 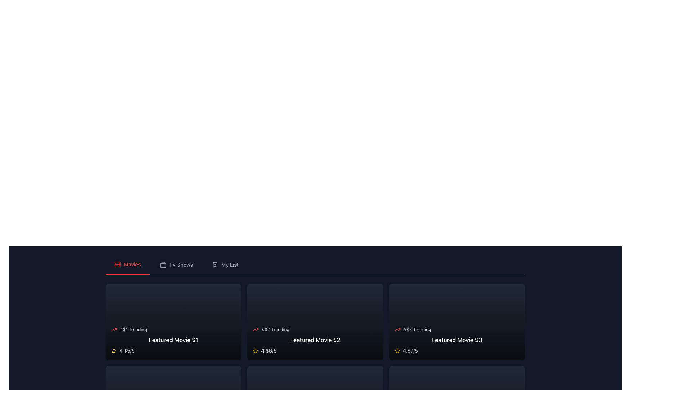 I want to click on the five-pointed yellow star icon representing ratings, located at the bottom-right corner of the 'Featured Movie $3' card, which is inline with the text '4.7/5', so click(x=256, y=350).